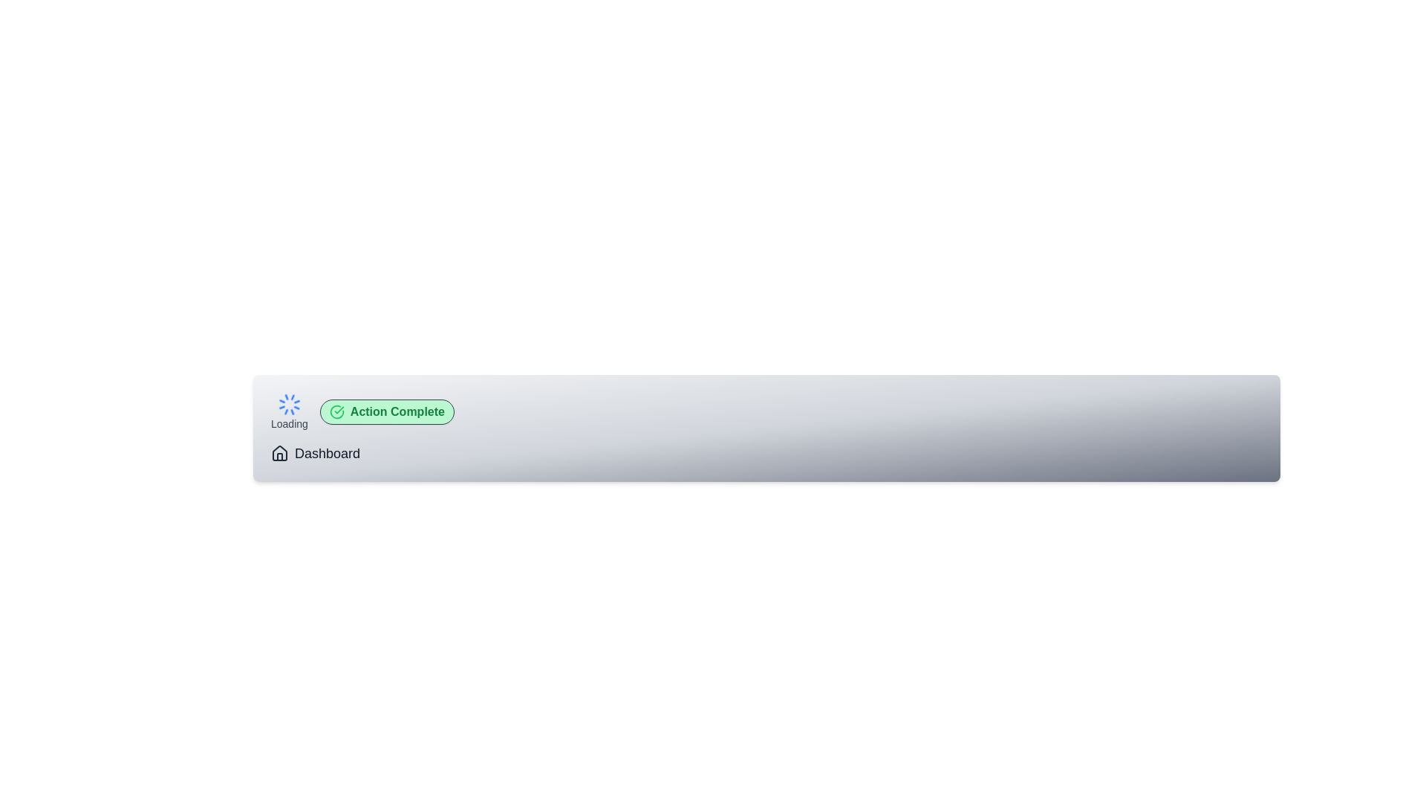 The image size is (1426, 802). Describe the element at coordinates (280, 451) in the screenshot. I see `the interactive graphic icon representing the home or dashboard, located at the lower-left corner of the interface next to the label 'Dashboard'` at that location.